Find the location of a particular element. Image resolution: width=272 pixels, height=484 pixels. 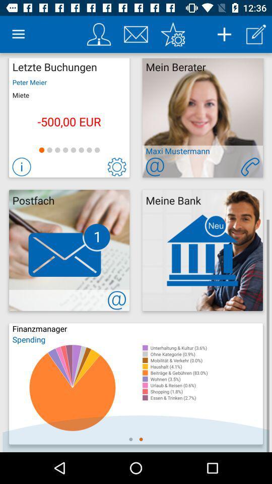

app setting is located at coordinates (172, 34).